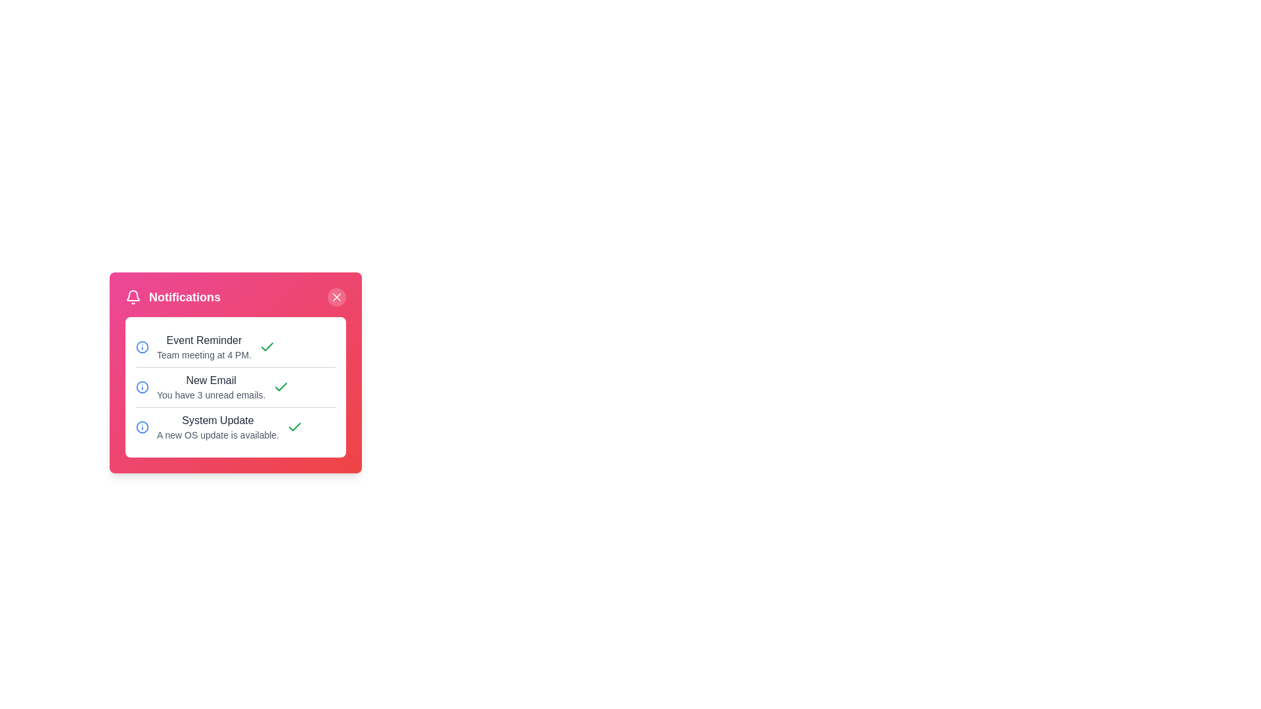 This screenshot has width=1261, height=709. Describe the element at coordinates (204, 354) in the screenshot. I see `the text label reading 'Team meeting at 4 PM.' which is styled with a small font and gray color, located directly under the bolded title 'Event Reminder' in the notification card` at that location.